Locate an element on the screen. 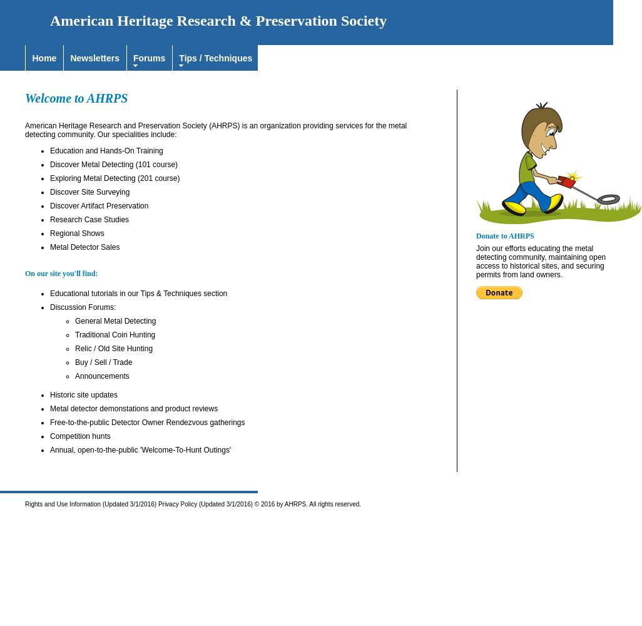 This screenshot has width=642, height=626. 'Annual, open-to-the-public 'Welcome-To-Hunt Outings'' is located at coordinates (140, 449).